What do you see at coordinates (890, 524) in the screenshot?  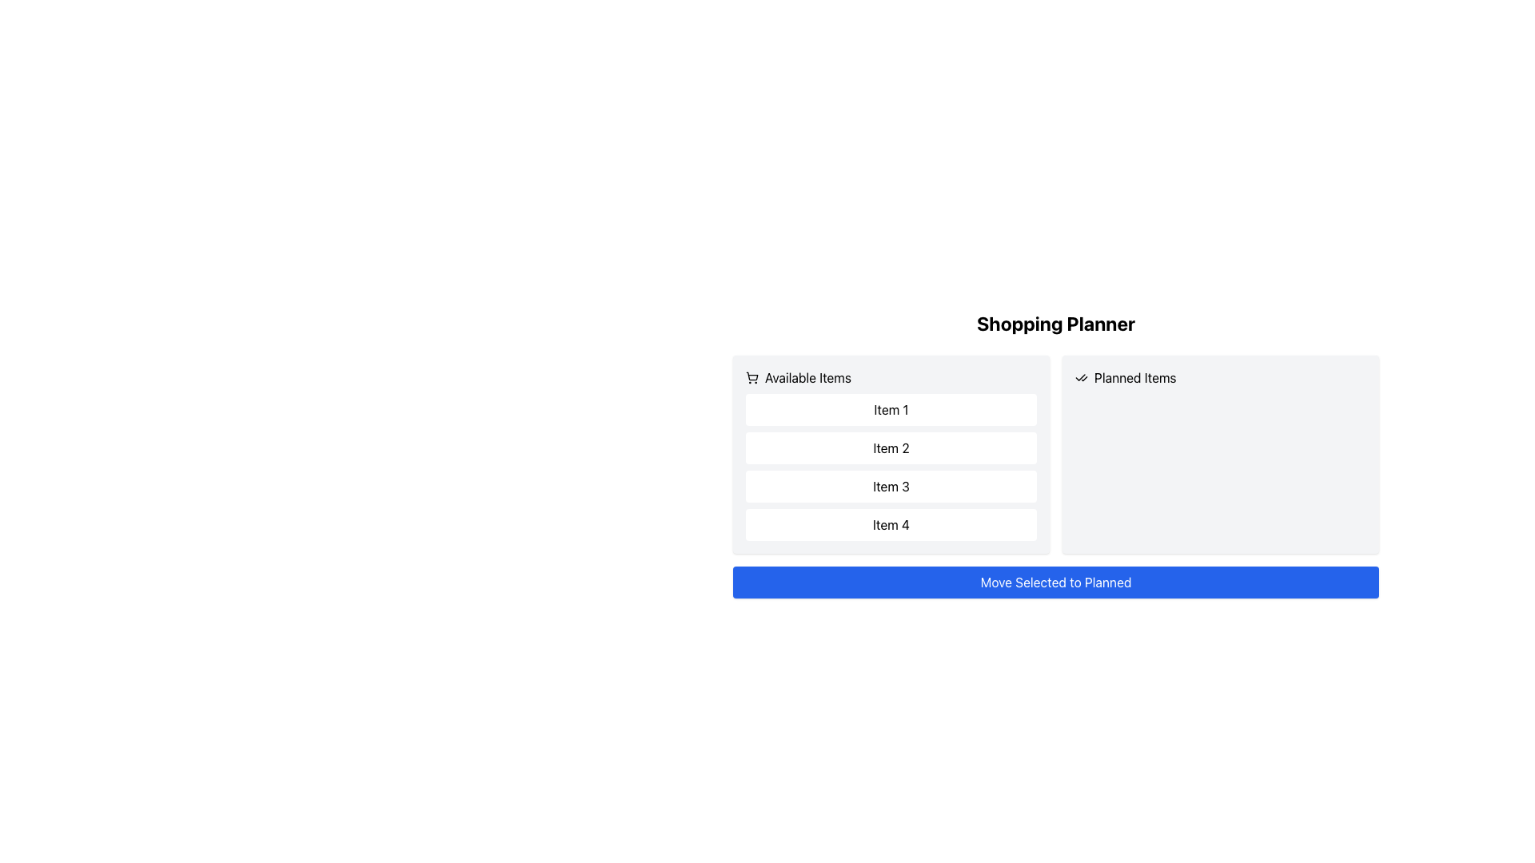 I see `the fourth item in the 'Available Items' section of the 'Shopping Planner' interface, which contains the text 'Item 4'` at bounding box center [890, 524].